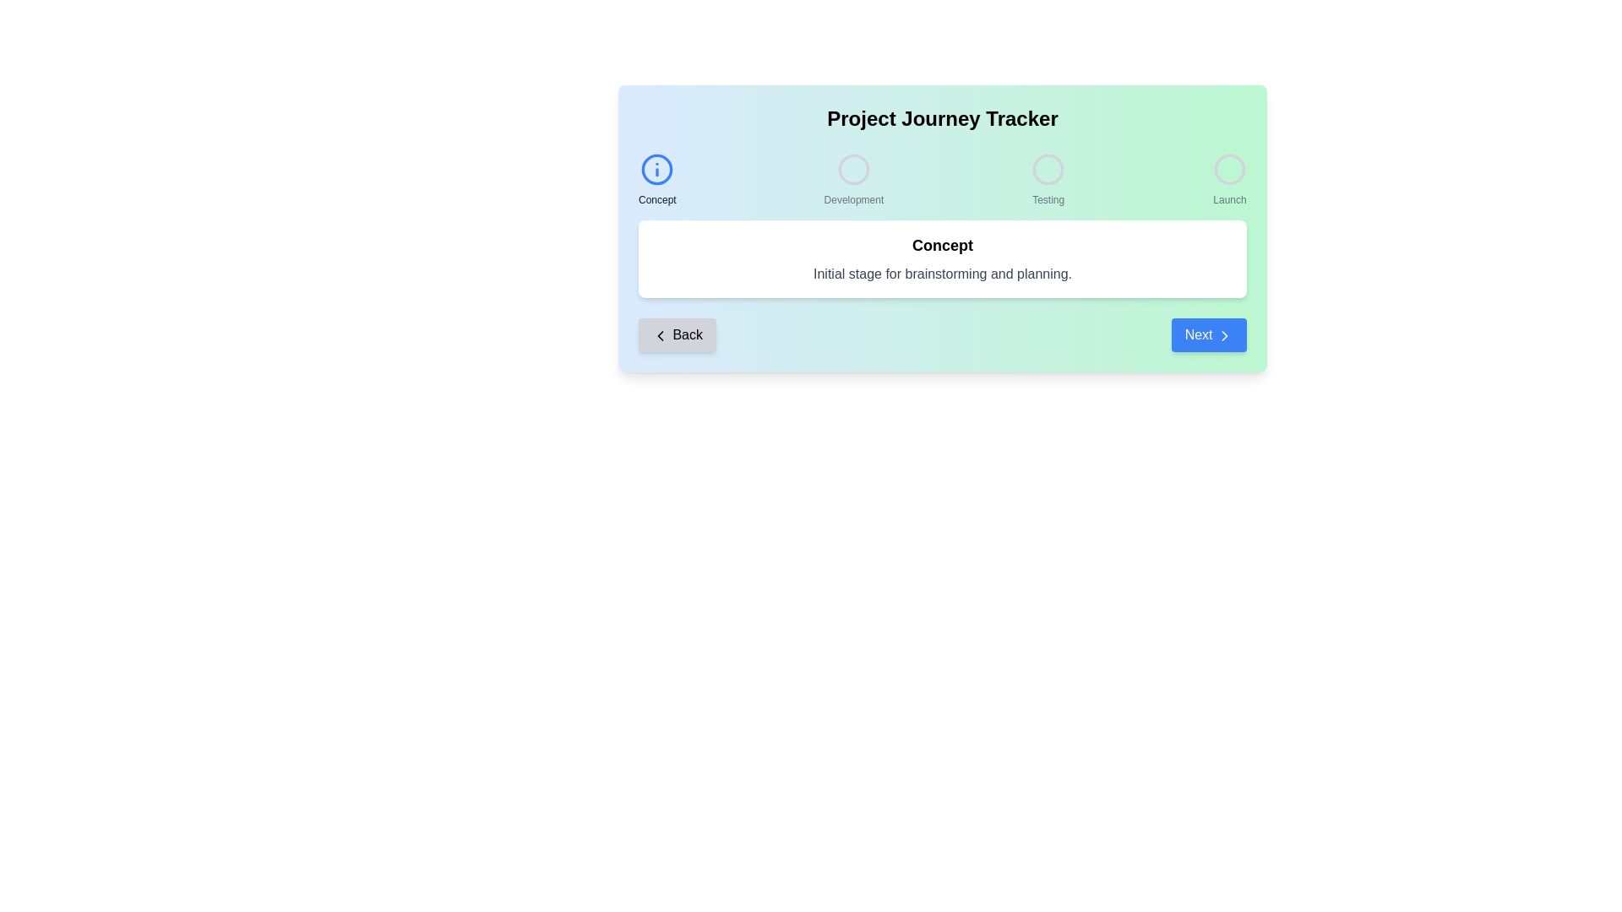 The height and width of the screenshot is (912, 1622). What do you see at coordinates (1048, 198) in the screenshot?
I see `the static text label displaying 'Testing', which is part of a step indicator and styled in a small, gray-colored font` at bounding box center [1048, 198].